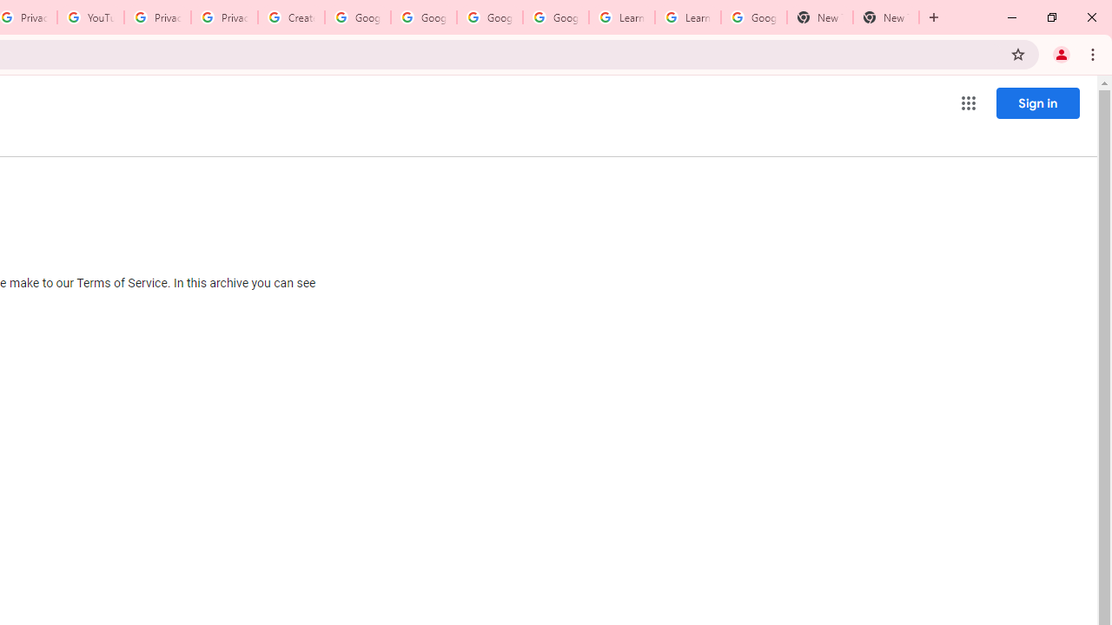  Describe the element at coordinates (424, 17) in the screenshot. I see `'Google Account Help'` at that location.